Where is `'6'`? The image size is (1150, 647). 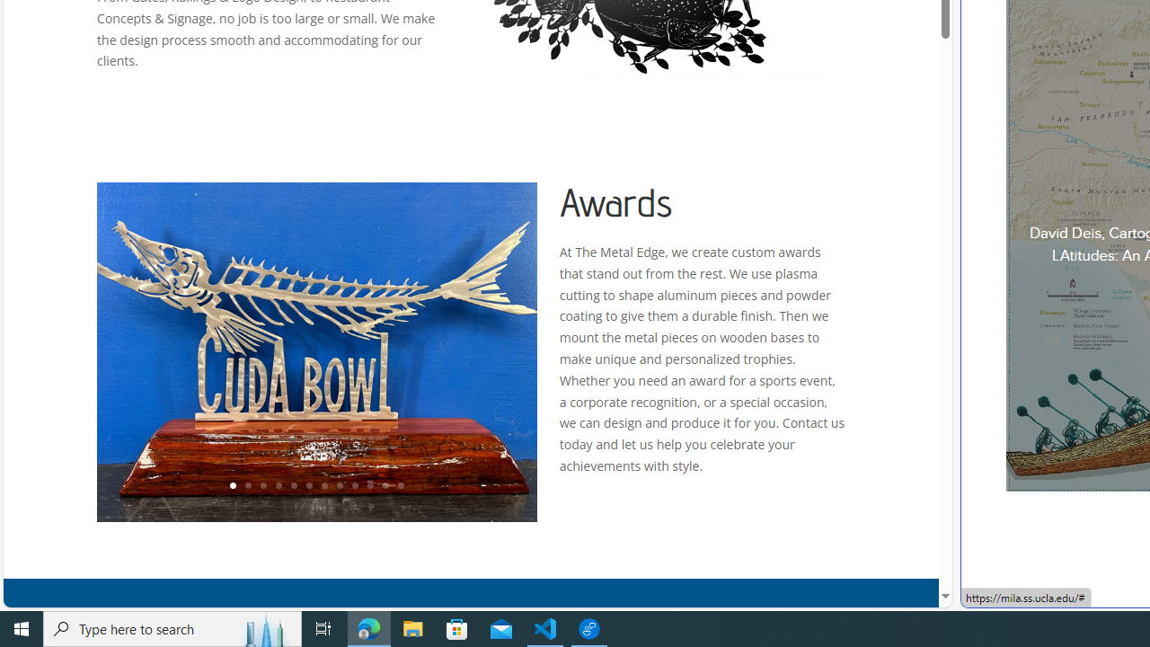
'6' is located at coordinates (309, 486).